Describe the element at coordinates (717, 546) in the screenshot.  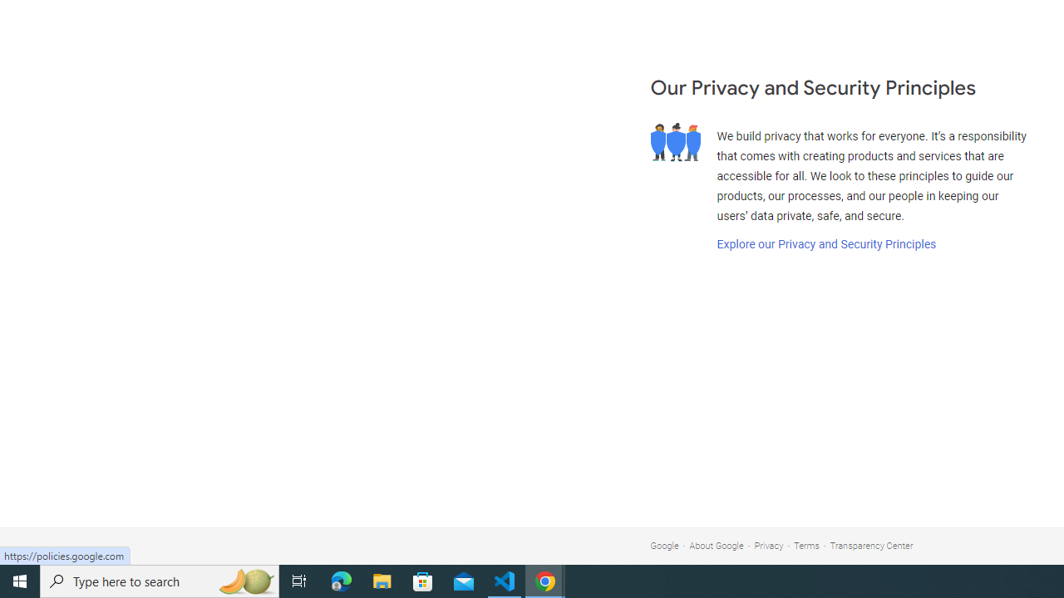
I see `'About Google'` at that location.